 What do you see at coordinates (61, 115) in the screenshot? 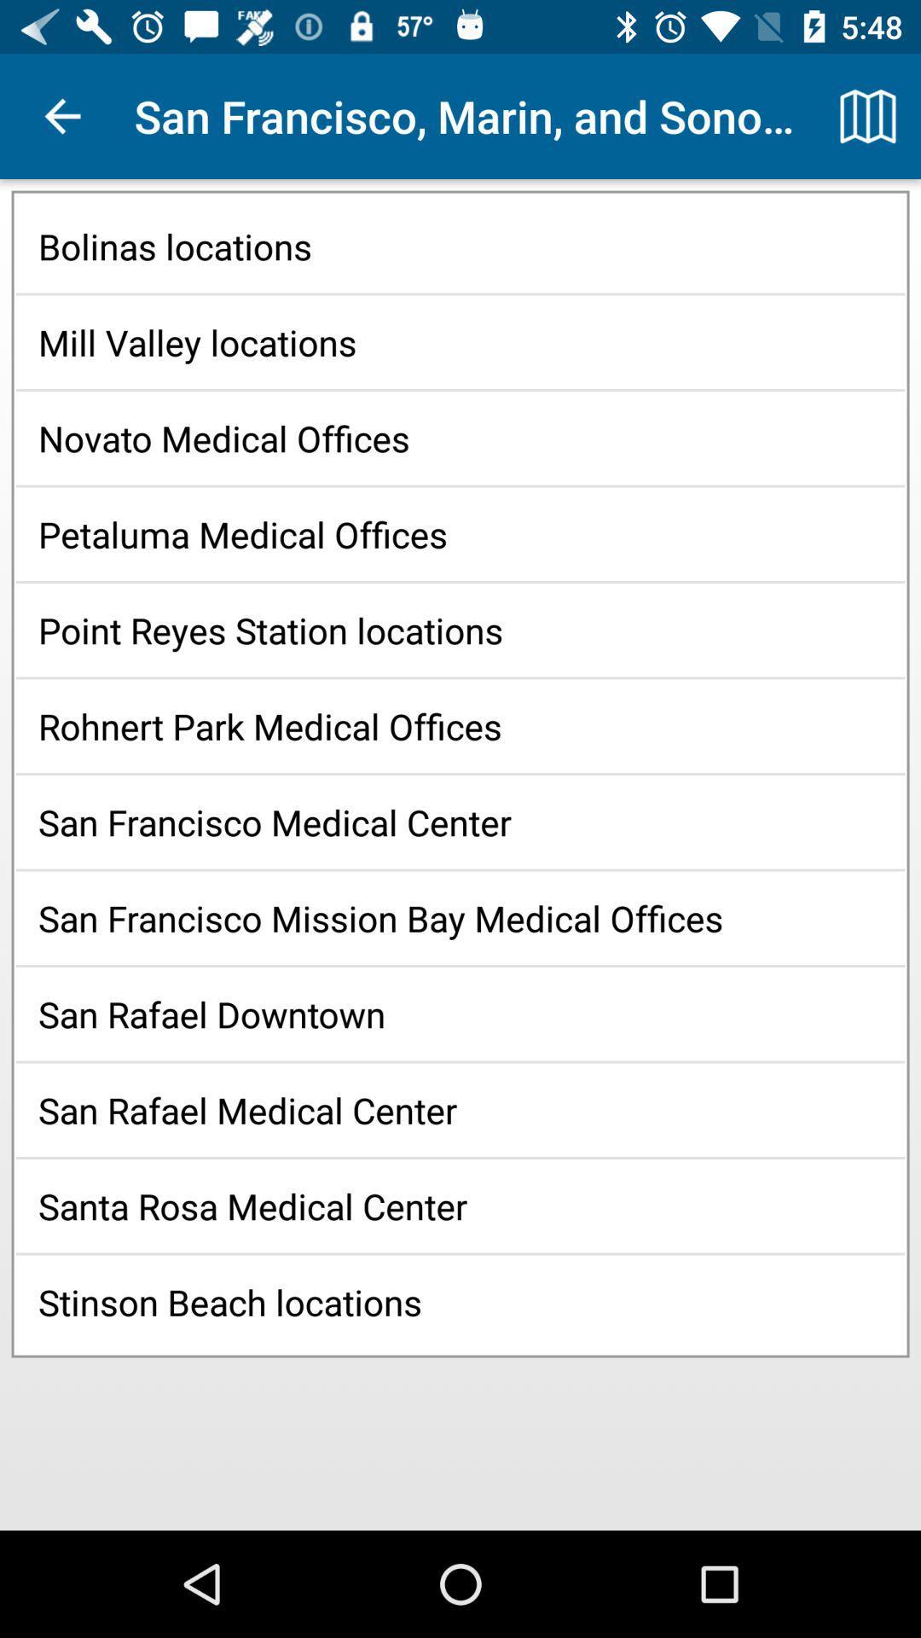
I see `the item above the bolinas locations` at bounding box center [61, 115].